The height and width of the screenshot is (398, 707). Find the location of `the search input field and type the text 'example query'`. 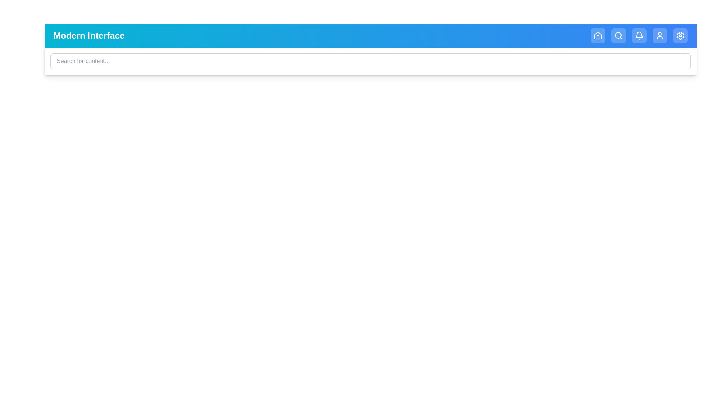

the search input field and type the text 'example query' is located at coordinates (370, 60).